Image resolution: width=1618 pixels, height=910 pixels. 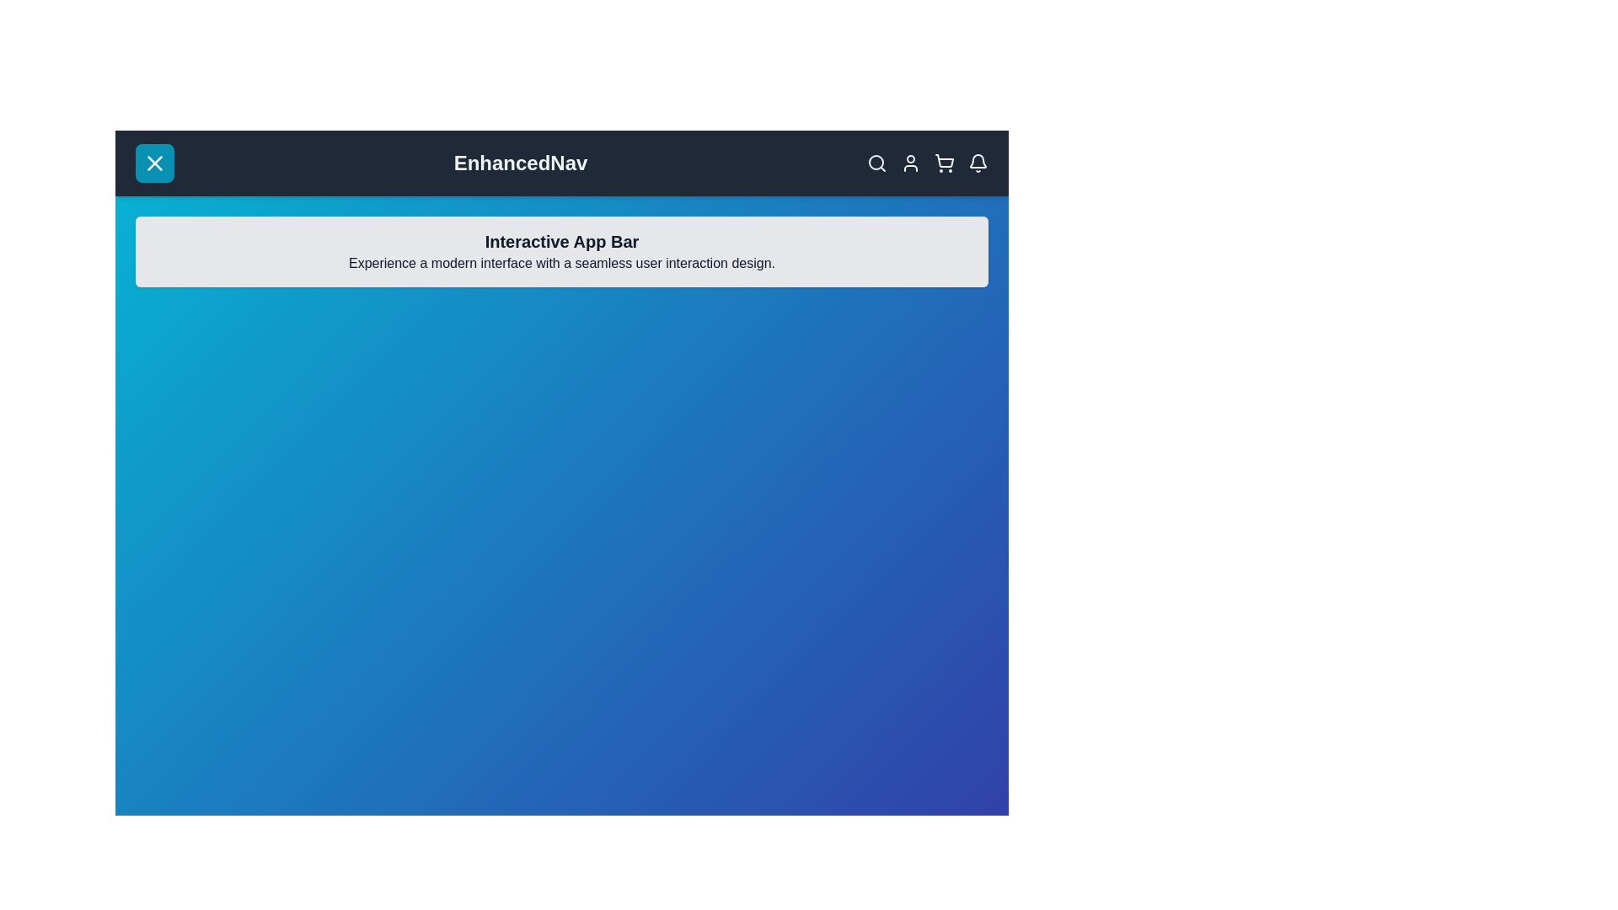 I want to click on the icon search to observe its hover effect, so click(x=876, y=163).